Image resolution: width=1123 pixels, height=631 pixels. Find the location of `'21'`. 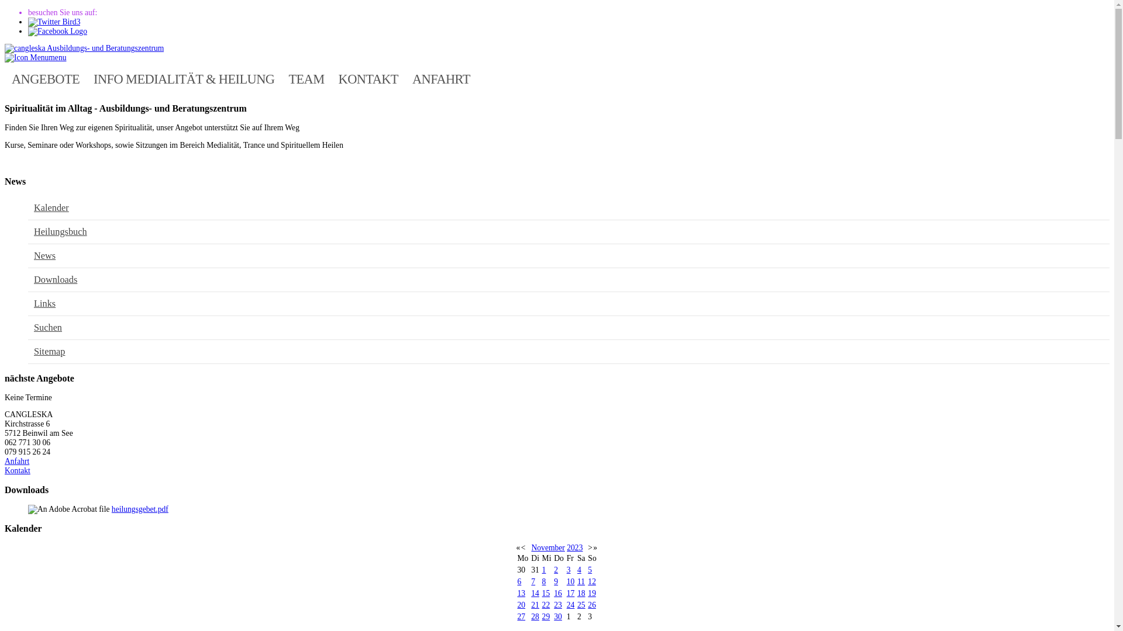

'21' is located at coordinates (535, 605).